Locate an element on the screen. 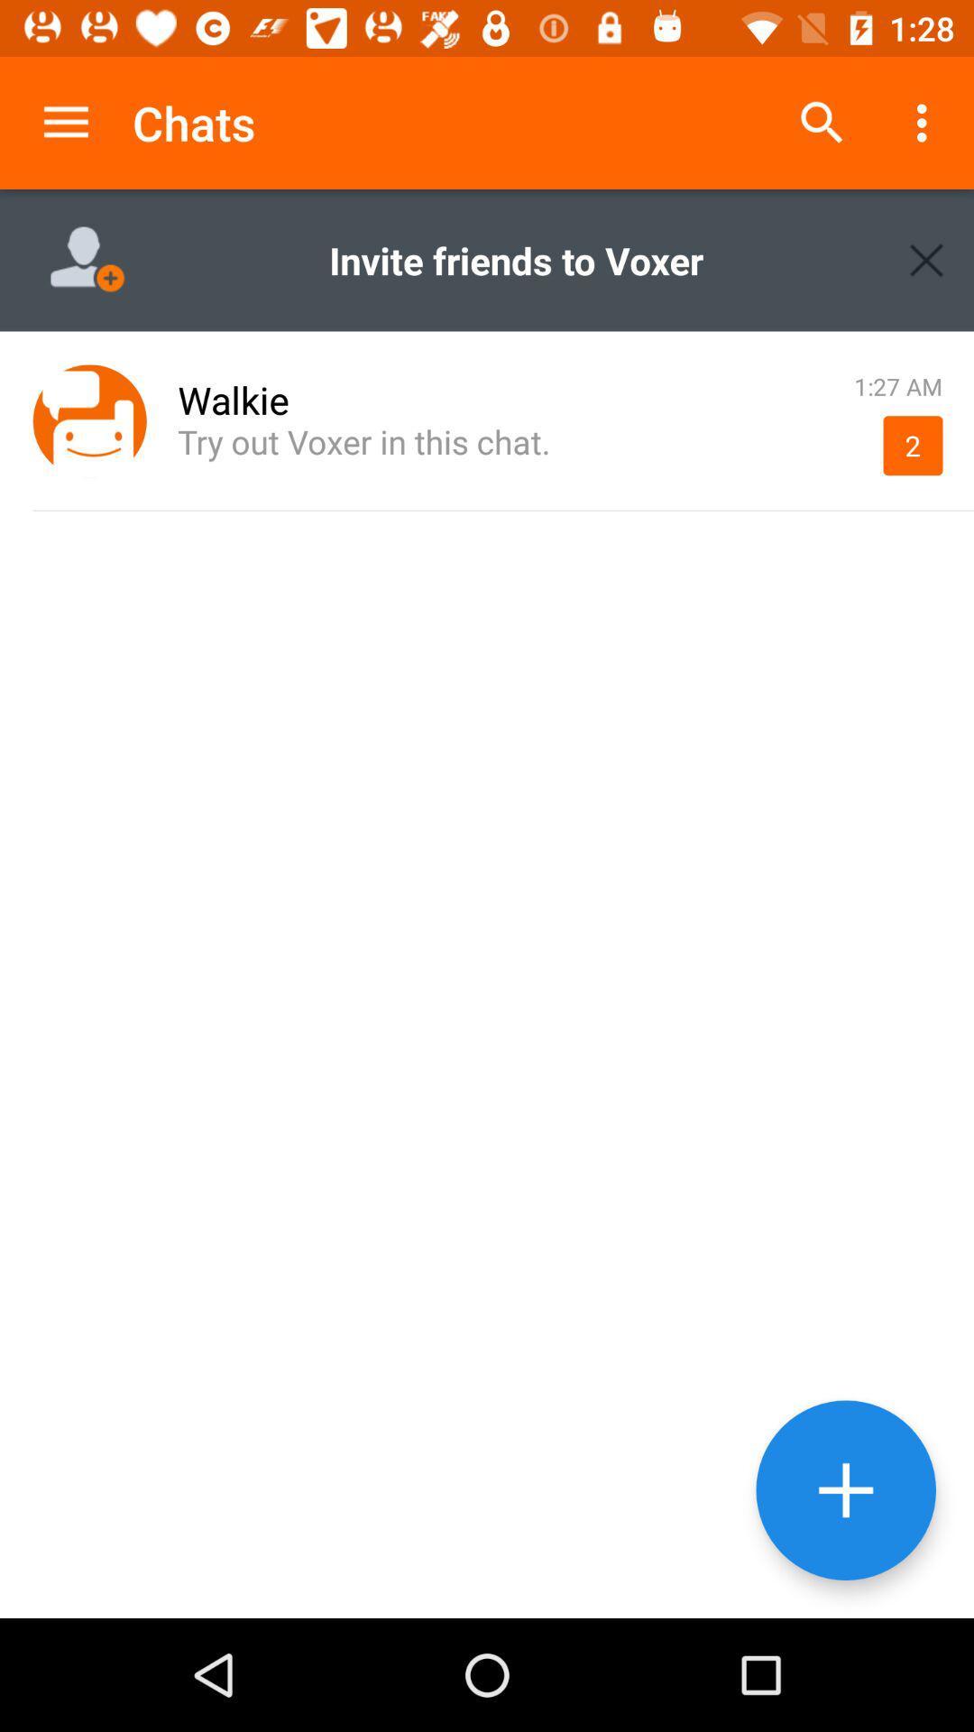 This screenshot has width=974, height=1732. exit/close button is located at coordinates (926, 259).